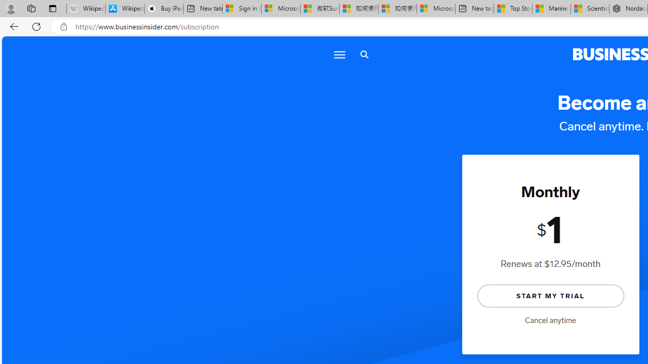  Describe the element at coordinates (339, 55) in the screenshot. I see `'Menu icon'` at that location.